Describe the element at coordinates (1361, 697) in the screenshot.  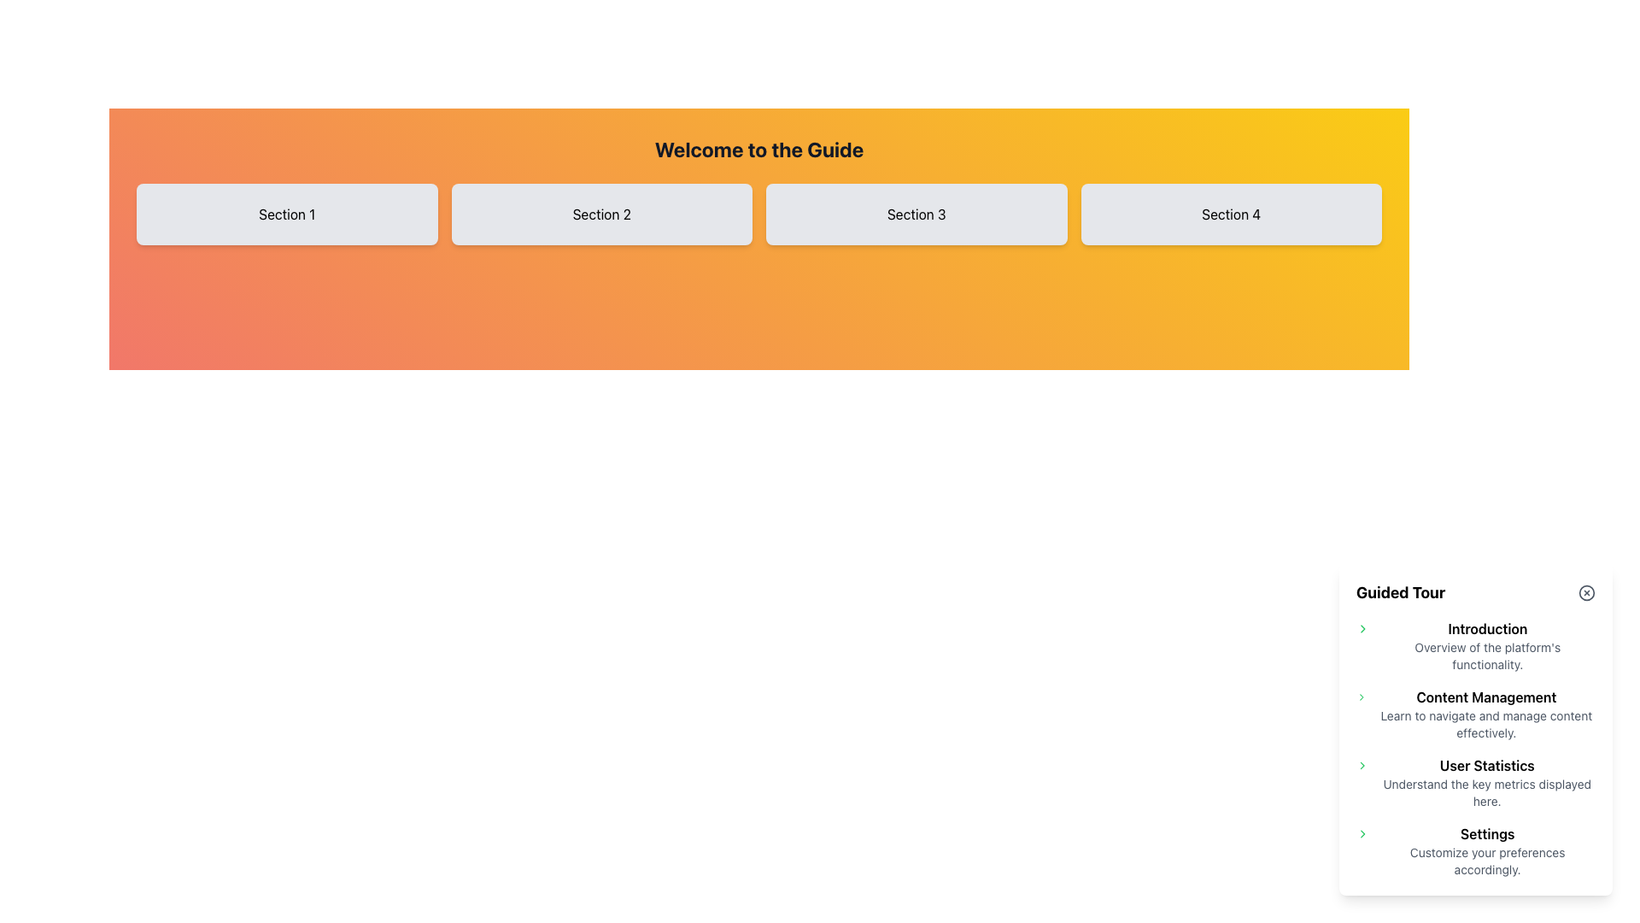
I see `the small right-facing chevron icon styled in green, located to the left of the text 'Content Management' in the second position of the 'Guided Tour' list` at that location.